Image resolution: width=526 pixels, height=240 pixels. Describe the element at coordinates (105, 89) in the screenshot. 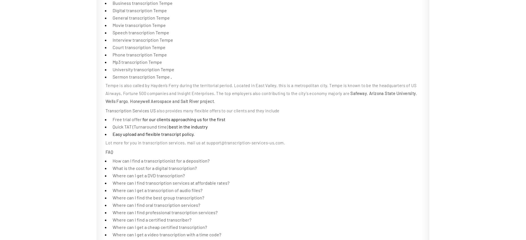

I see `'Tempe is also called by Hayden’s Ferry during the territorial period. Located in East Valley, this is a metropolitan city. Tempe is known to be the headquarters of US Airways, Fortune 500 companies and Insight Enterprises. The top employers also contributing to the city’s economy majorly are'` at that location.